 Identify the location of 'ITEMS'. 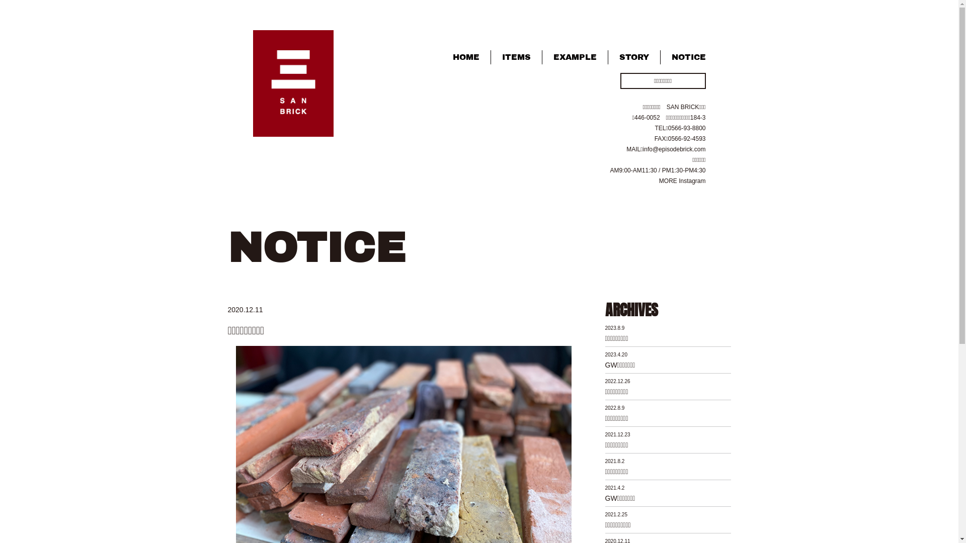
(516, 57).